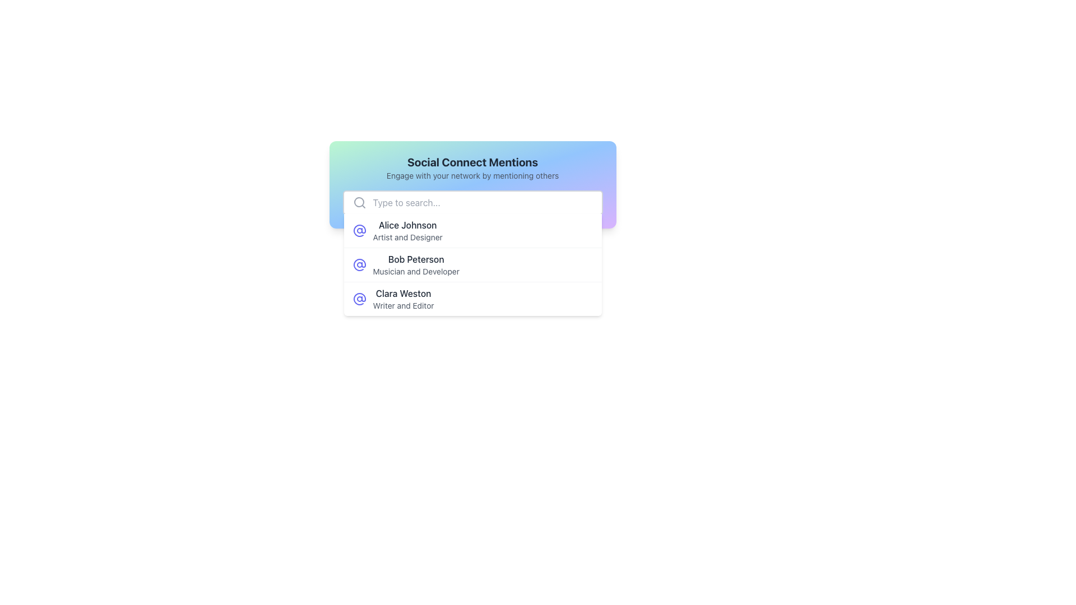  Describe the element at coordinates (407, 225) in the screenshot. I see `the first user name text label in the vertical list, located just below the search bar` at that location.